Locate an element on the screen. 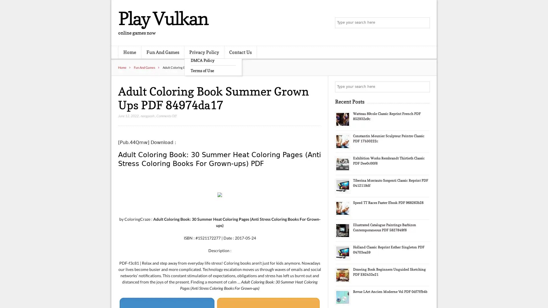  Search is located at coordinates (424, 23).